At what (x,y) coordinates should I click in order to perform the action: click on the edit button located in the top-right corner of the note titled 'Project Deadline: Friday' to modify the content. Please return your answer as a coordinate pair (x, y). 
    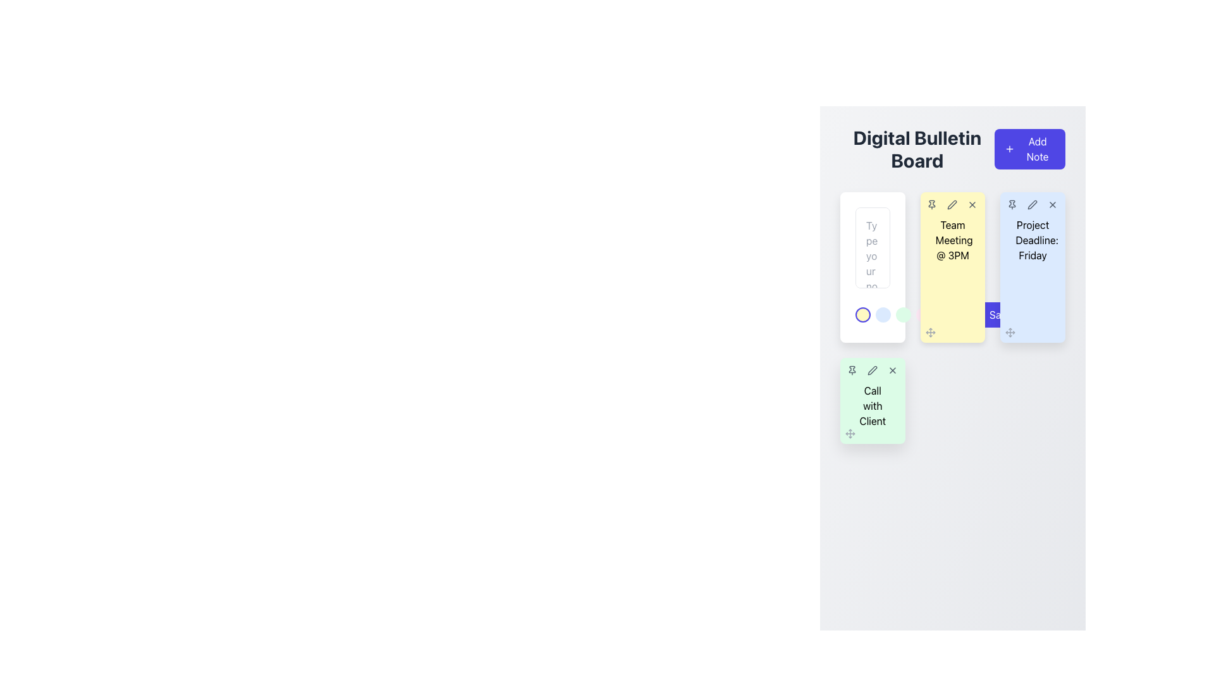
    Looking at the image, I should click on (1032, 204).